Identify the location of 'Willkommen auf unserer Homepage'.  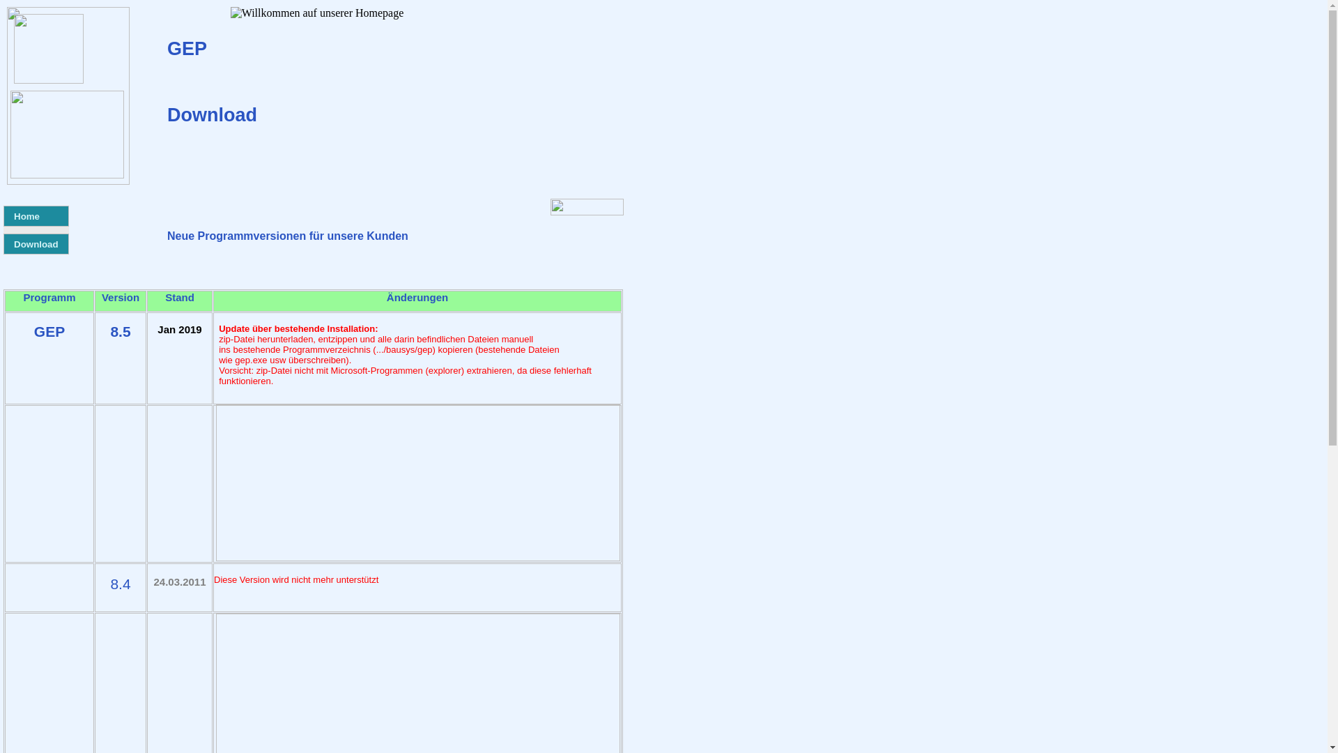
(316, 13).